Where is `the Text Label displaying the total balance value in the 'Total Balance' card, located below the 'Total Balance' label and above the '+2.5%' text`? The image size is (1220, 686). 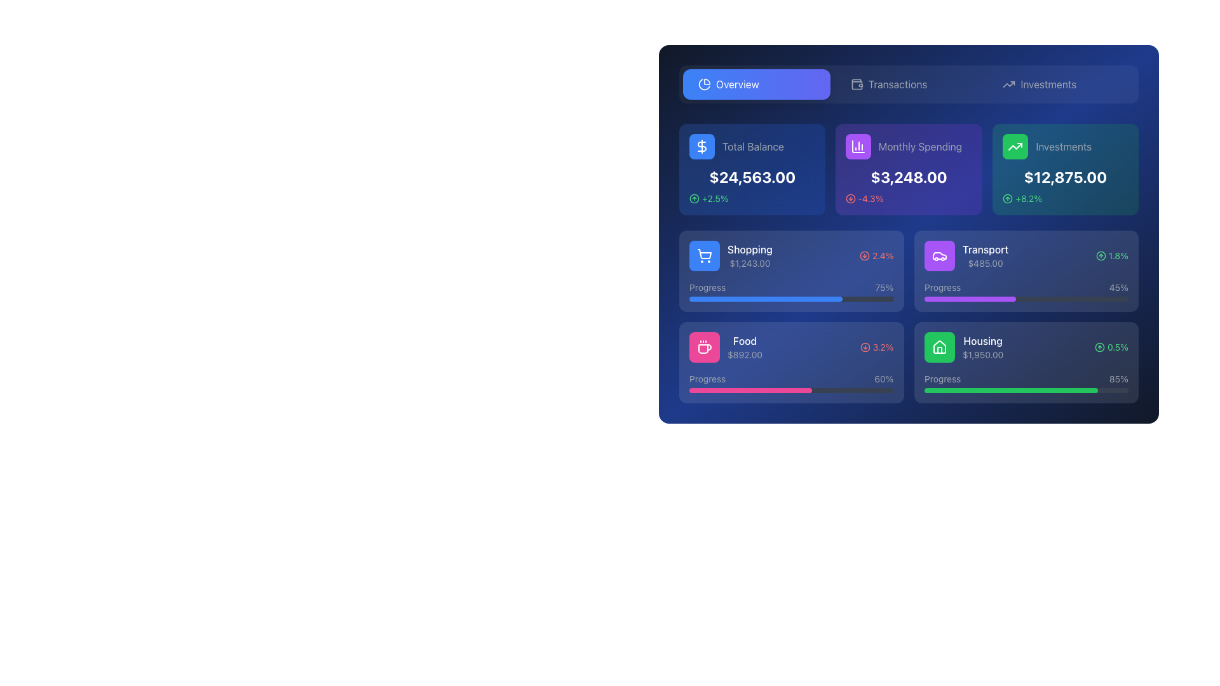
the Text Label displaying the total balance value in the 'Total Balance' card, located below the 'Total Balance' label and above the '+2.5%' text is located at coordinates (752, 177).